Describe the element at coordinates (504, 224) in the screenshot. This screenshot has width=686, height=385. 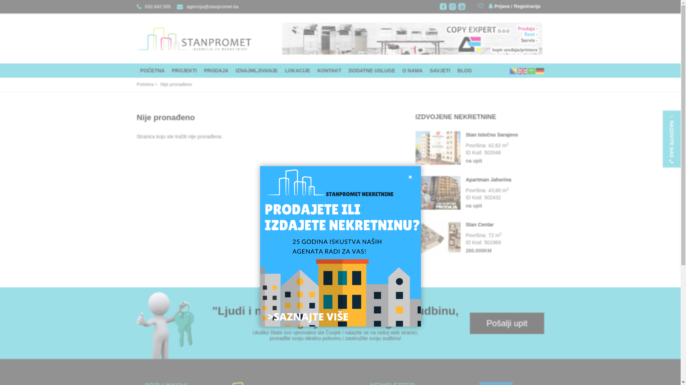
I see `'Stan Centar'` at that location.